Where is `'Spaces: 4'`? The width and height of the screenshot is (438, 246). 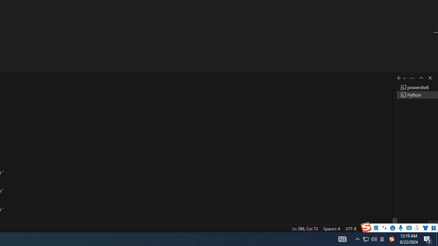 'Spaces: 4' is located at coordinates (331, 228).